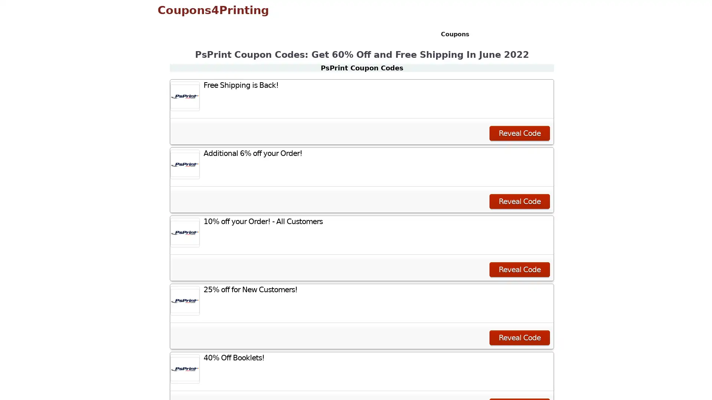 Image resolution: width=712 pixels, height=400 pixels. What do you see at coordinates (519, 133) in the screenshot?
I see `Reveal Code` at bounding box center [519, 133].